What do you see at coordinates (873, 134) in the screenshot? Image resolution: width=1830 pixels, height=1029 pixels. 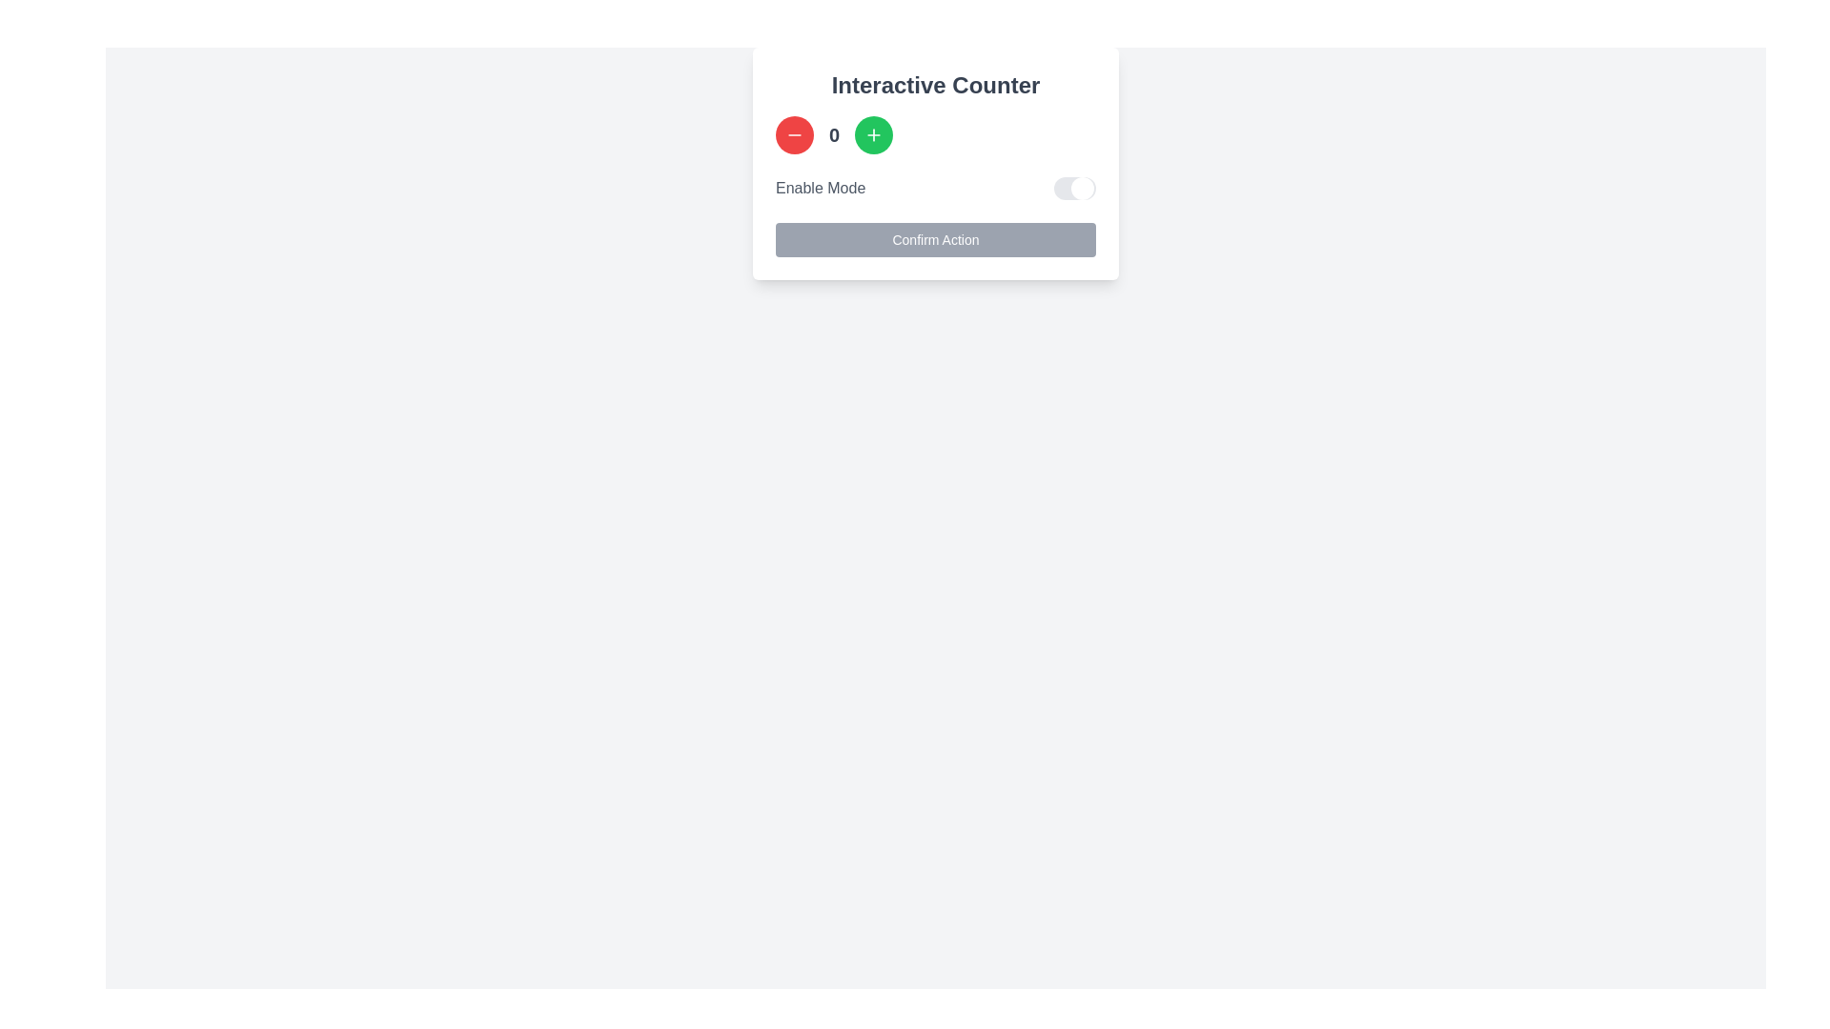 I see `the icon that indicates an action to increment a counter, centered within a green circular button` at bounding box center [873, 134].